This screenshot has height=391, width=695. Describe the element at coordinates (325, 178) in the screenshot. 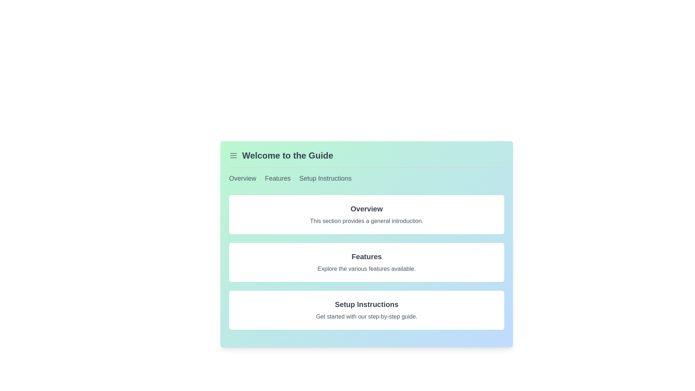

I see `the 'Setup Instructions' hyperlink in the top-level horizontal navigation bar` at that location.